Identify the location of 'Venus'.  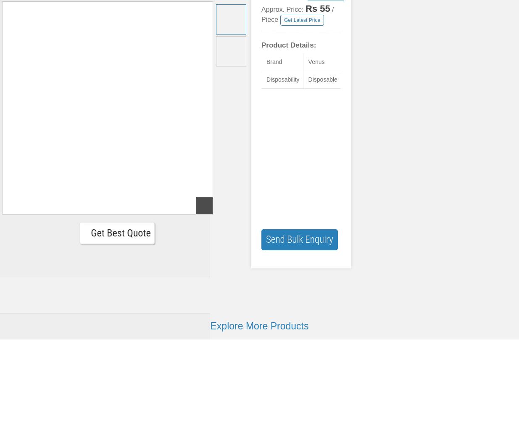
(308, 62).